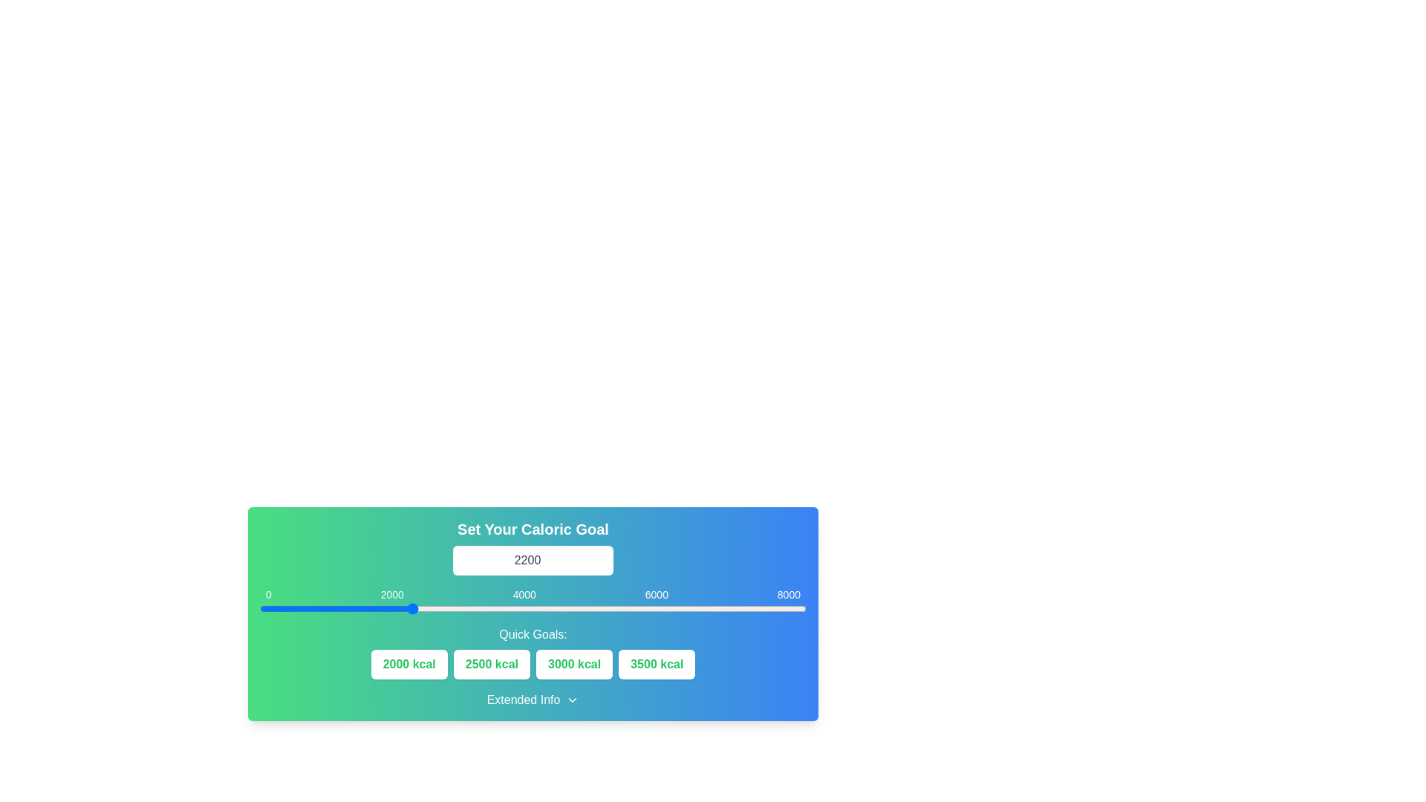  I want to click on caloric goal, so click(673, 609).